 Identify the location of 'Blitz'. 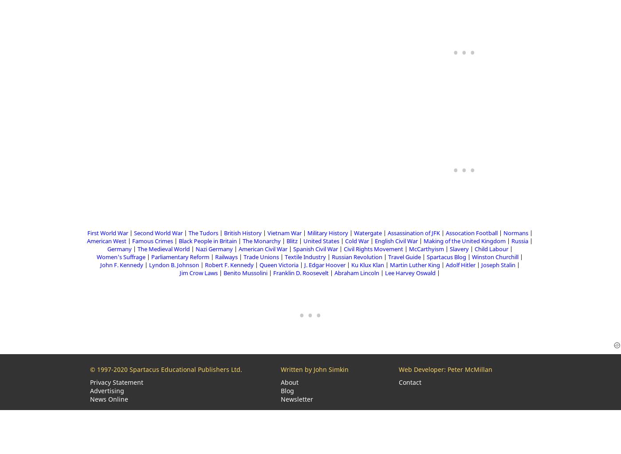
(292, 241).